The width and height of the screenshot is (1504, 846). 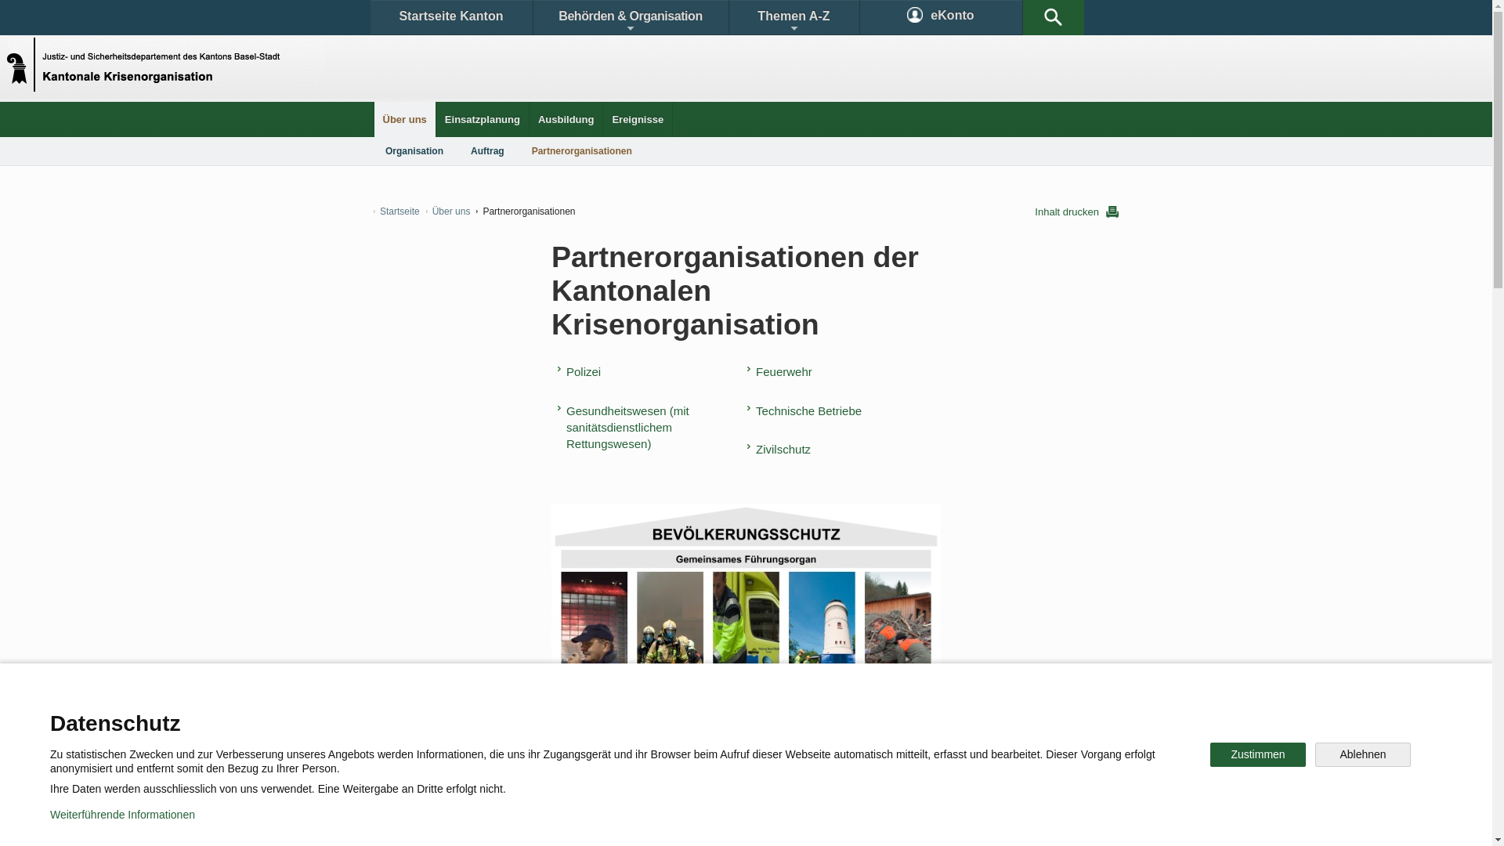 I want to click on 'Auftrag', so click(x=486, y=150).